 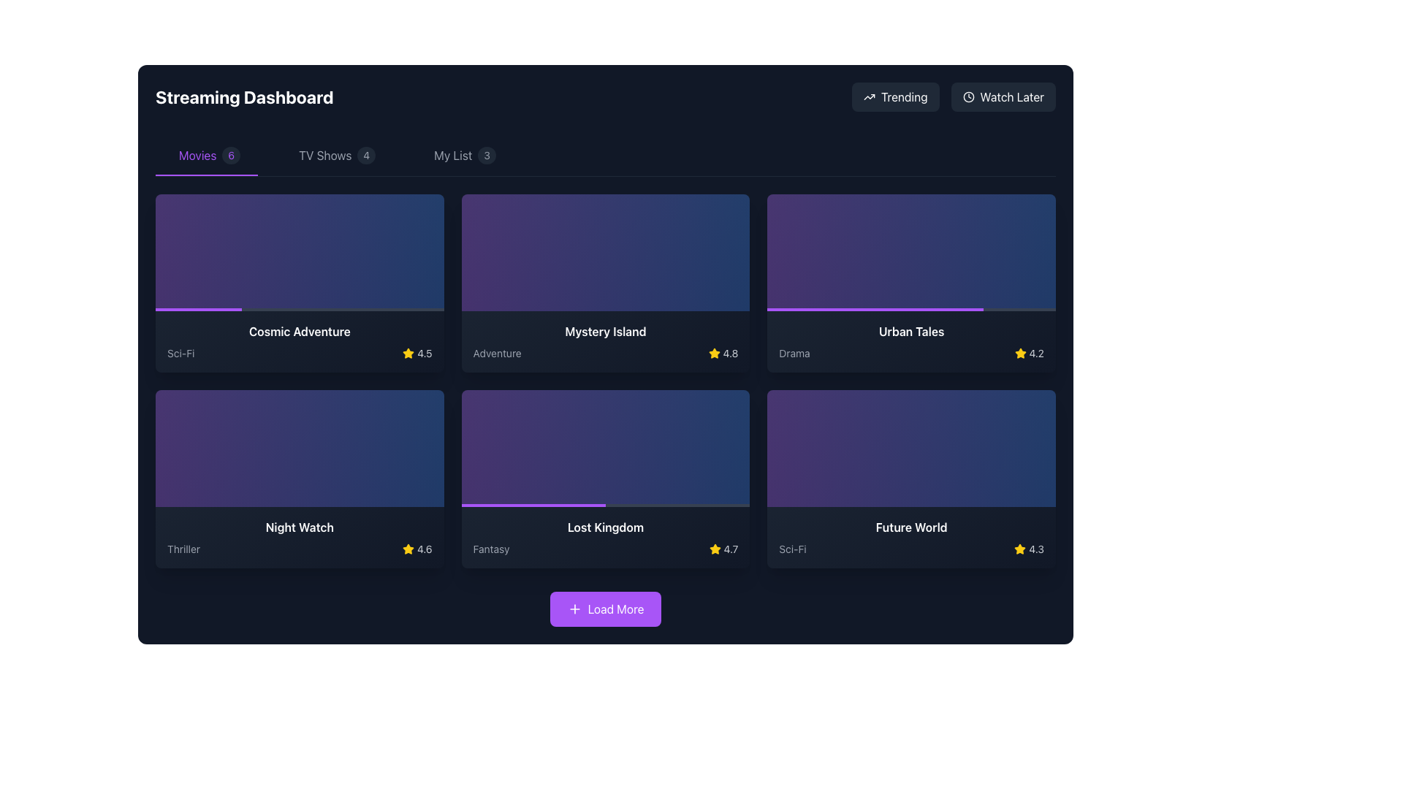 What do you see at coordinates (791, 549) in the screenshot?
I see `the 'Sci-Fi' text label, which is styled in gray and located in the bottom-left corner of the 'Future World' content block` at bounding box center [791, 549].